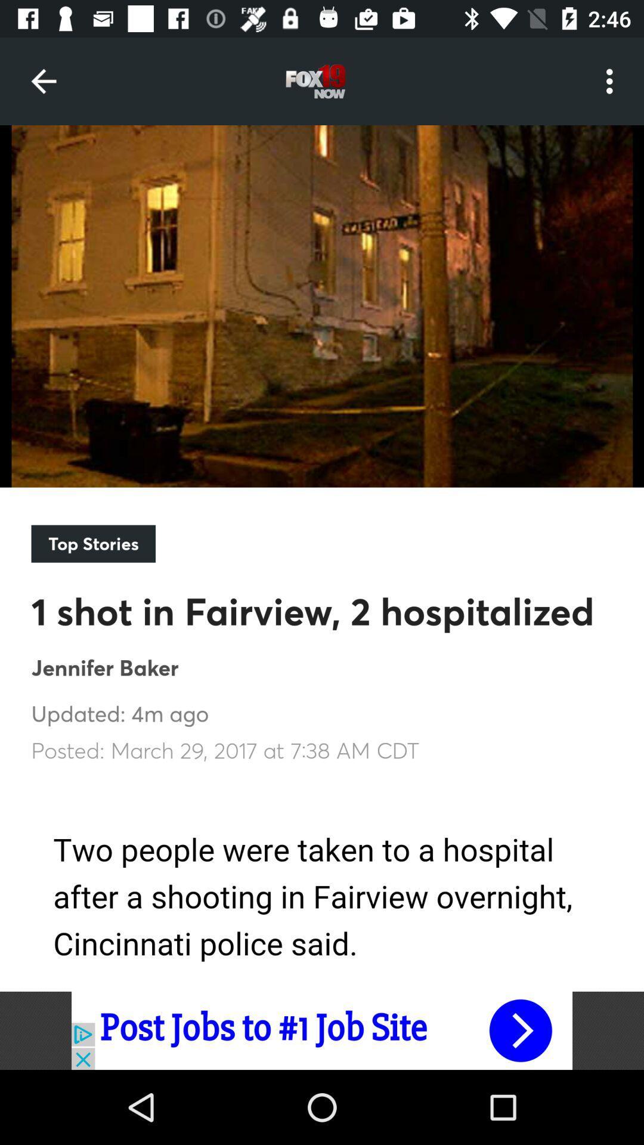 The height and width of the screenshot is (1145, 644). What do you see at coordinates (322, 1030) in the screenshot?
I see `advertisement` at bounding box center [322, 1030].